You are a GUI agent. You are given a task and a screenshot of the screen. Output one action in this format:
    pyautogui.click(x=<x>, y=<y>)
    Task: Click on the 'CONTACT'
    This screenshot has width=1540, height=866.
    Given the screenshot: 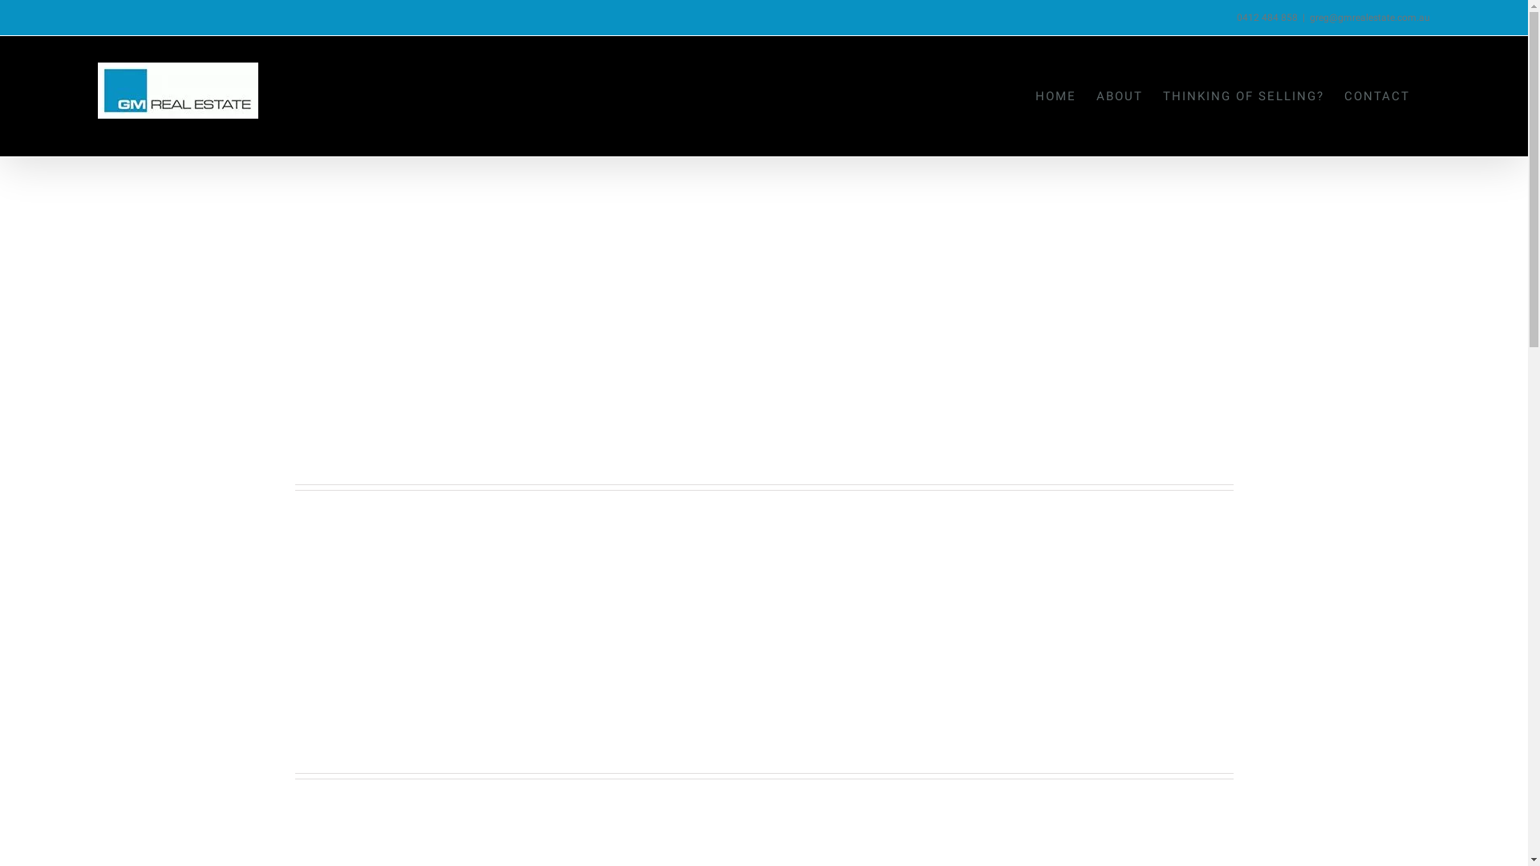 What is the action you would take?
    pyautogui.click(x=1376, y=95)
    